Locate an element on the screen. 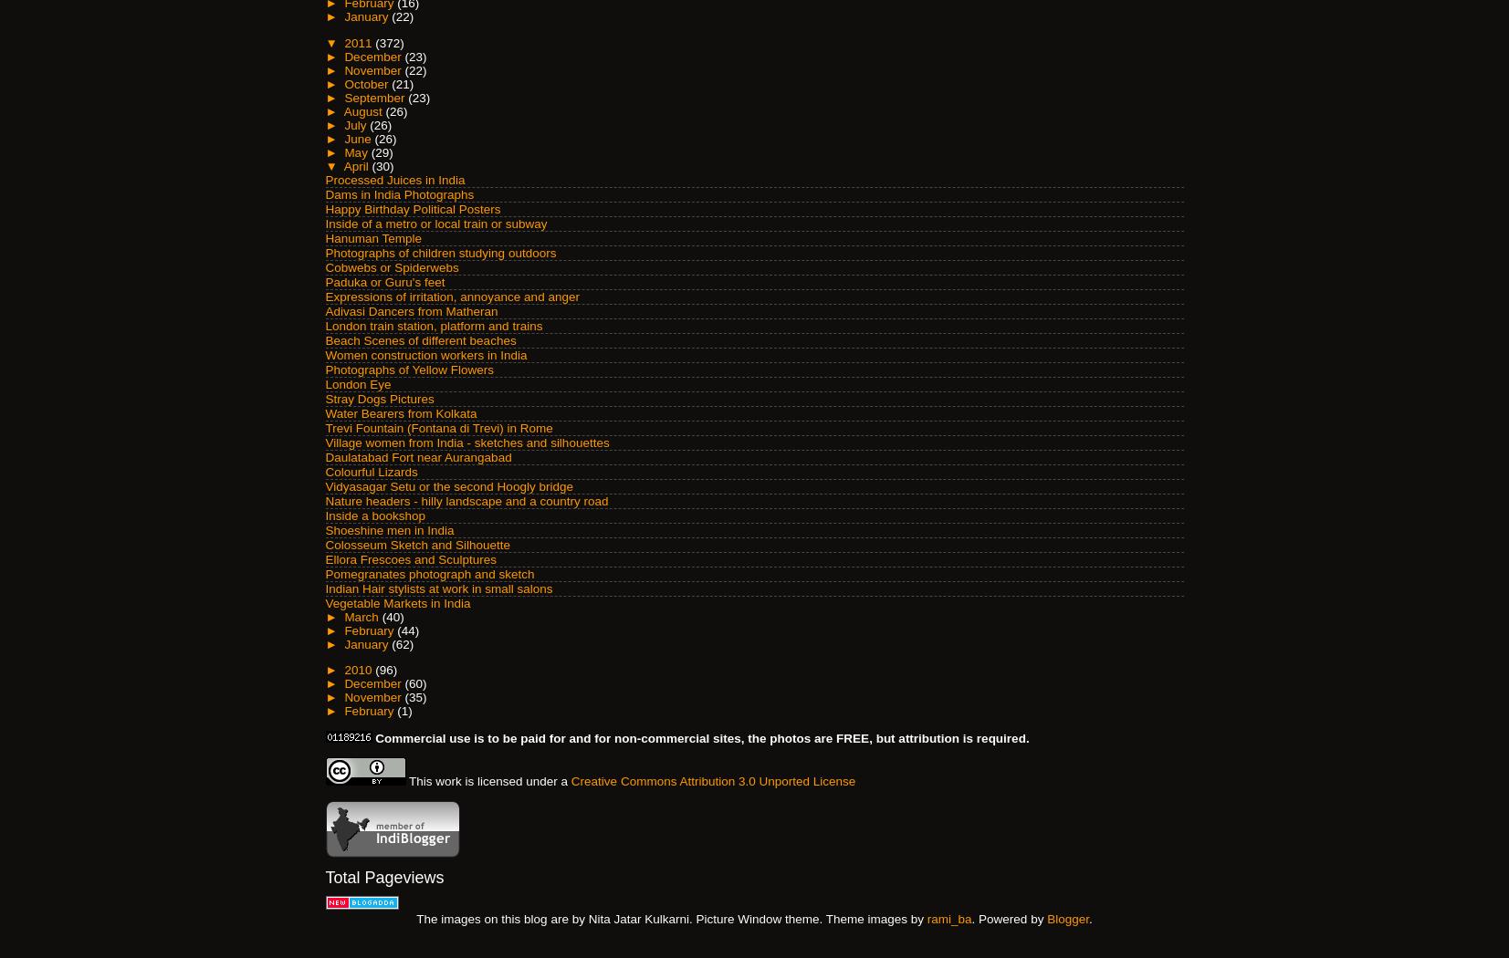  'rami_ba' is located at coordinates (948, 918).